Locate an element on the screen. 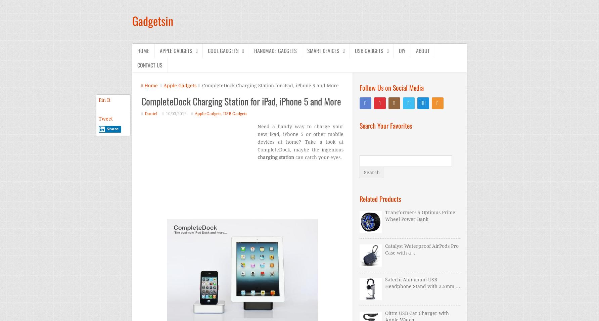  ',' is located at coordinates (222, 113).